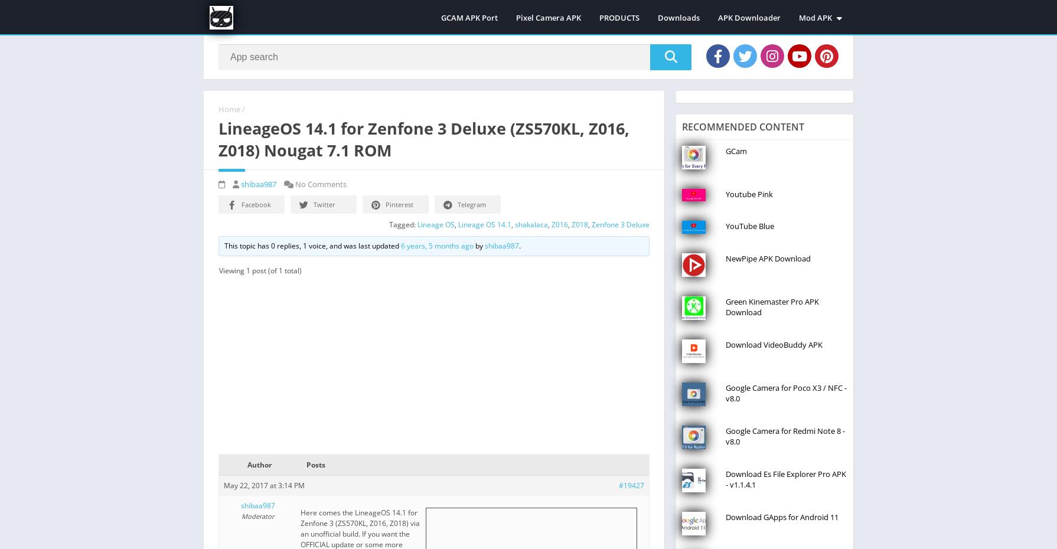 This screenshot has width=1057, height=549. I want to click on 'Twitter', so click(324, 203).